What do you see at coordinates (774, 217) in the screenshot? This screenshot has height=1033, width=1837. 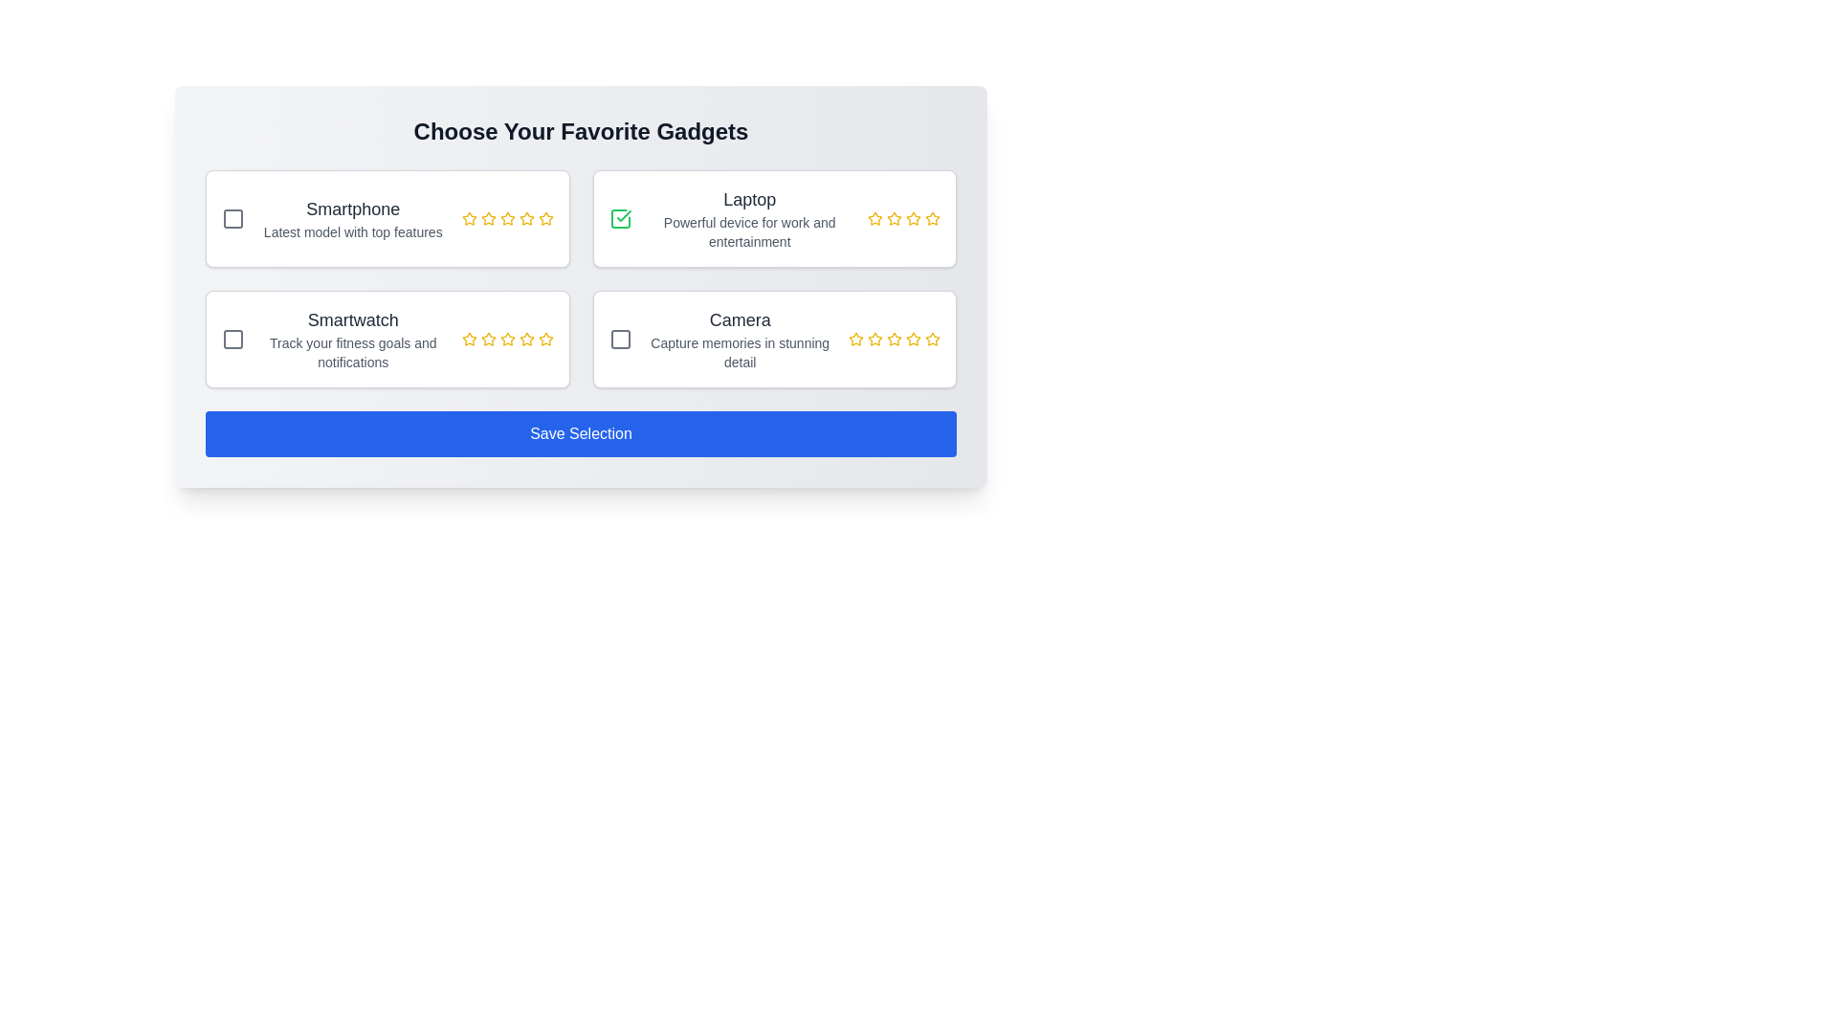 I see `the 'Laptop' selectable card, which is the second card in the grid layout of selectable items` at bounding box center [774, 217].